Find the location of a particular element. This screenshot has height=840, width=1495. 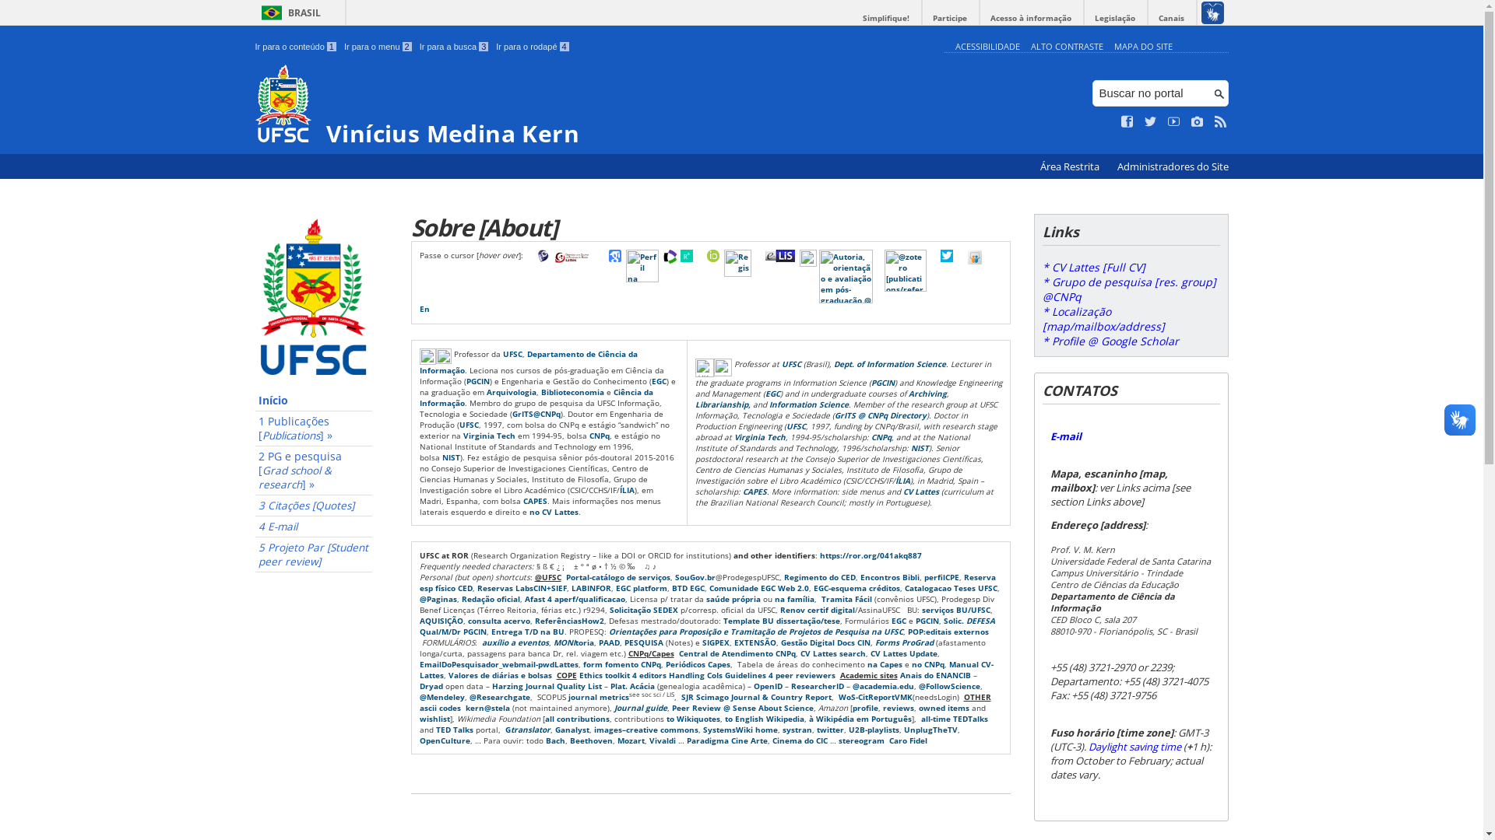

'SystemsWiki home' is located at coordinates (739, 729).